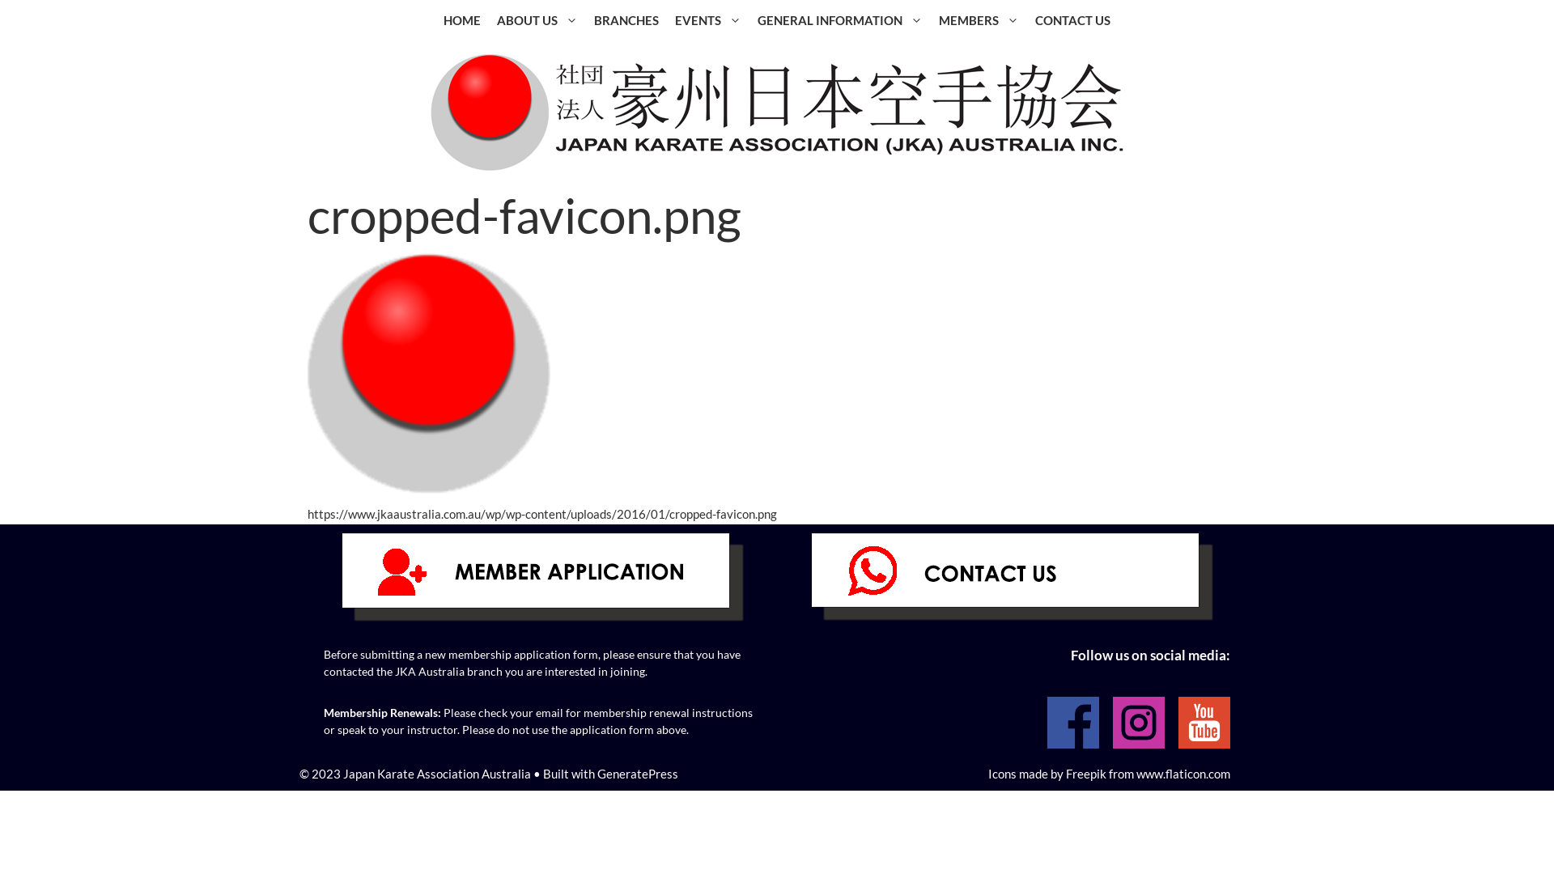 This screenshot has width=1554, height=874. I want to click on 'Freepik', so click(1086, 772).